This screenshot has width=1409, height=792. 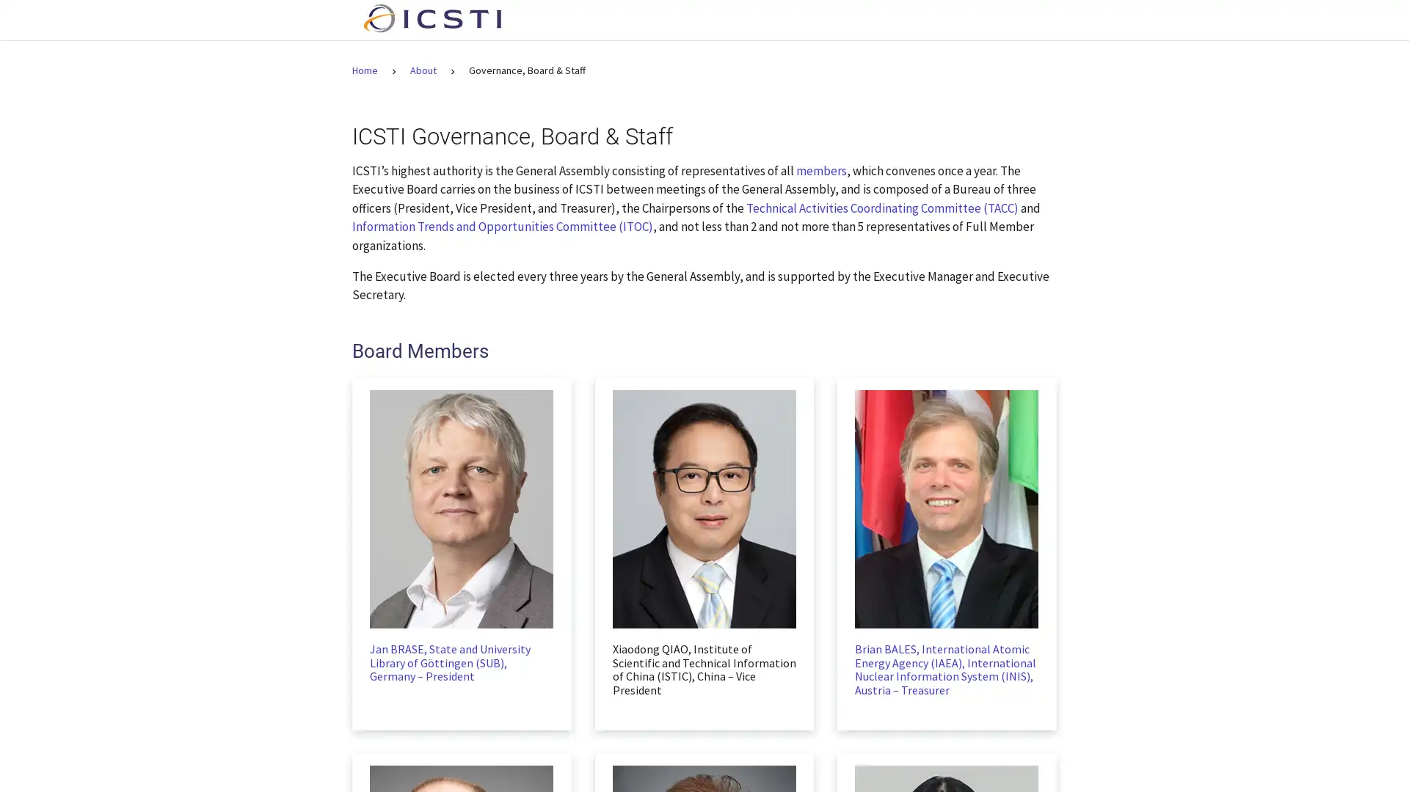 I want to click on About ICSTI, so click(x=719, y=20).